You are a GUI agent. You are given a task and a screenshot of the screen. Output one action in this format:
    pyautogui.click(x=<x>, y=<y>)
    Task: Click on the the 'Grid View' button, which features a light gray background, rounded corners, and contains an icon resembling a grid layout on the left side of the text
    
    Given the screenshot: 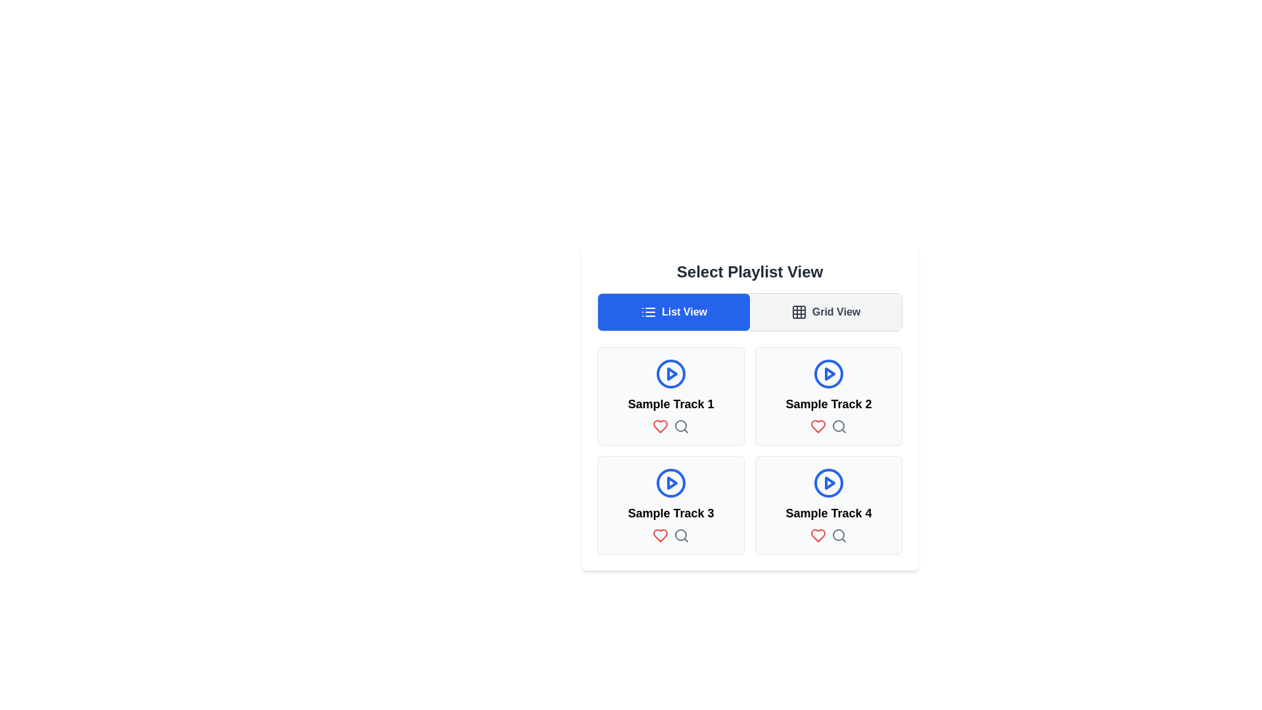 What is the action you would take?
    pyautogui.click(x=825, y=312)
    